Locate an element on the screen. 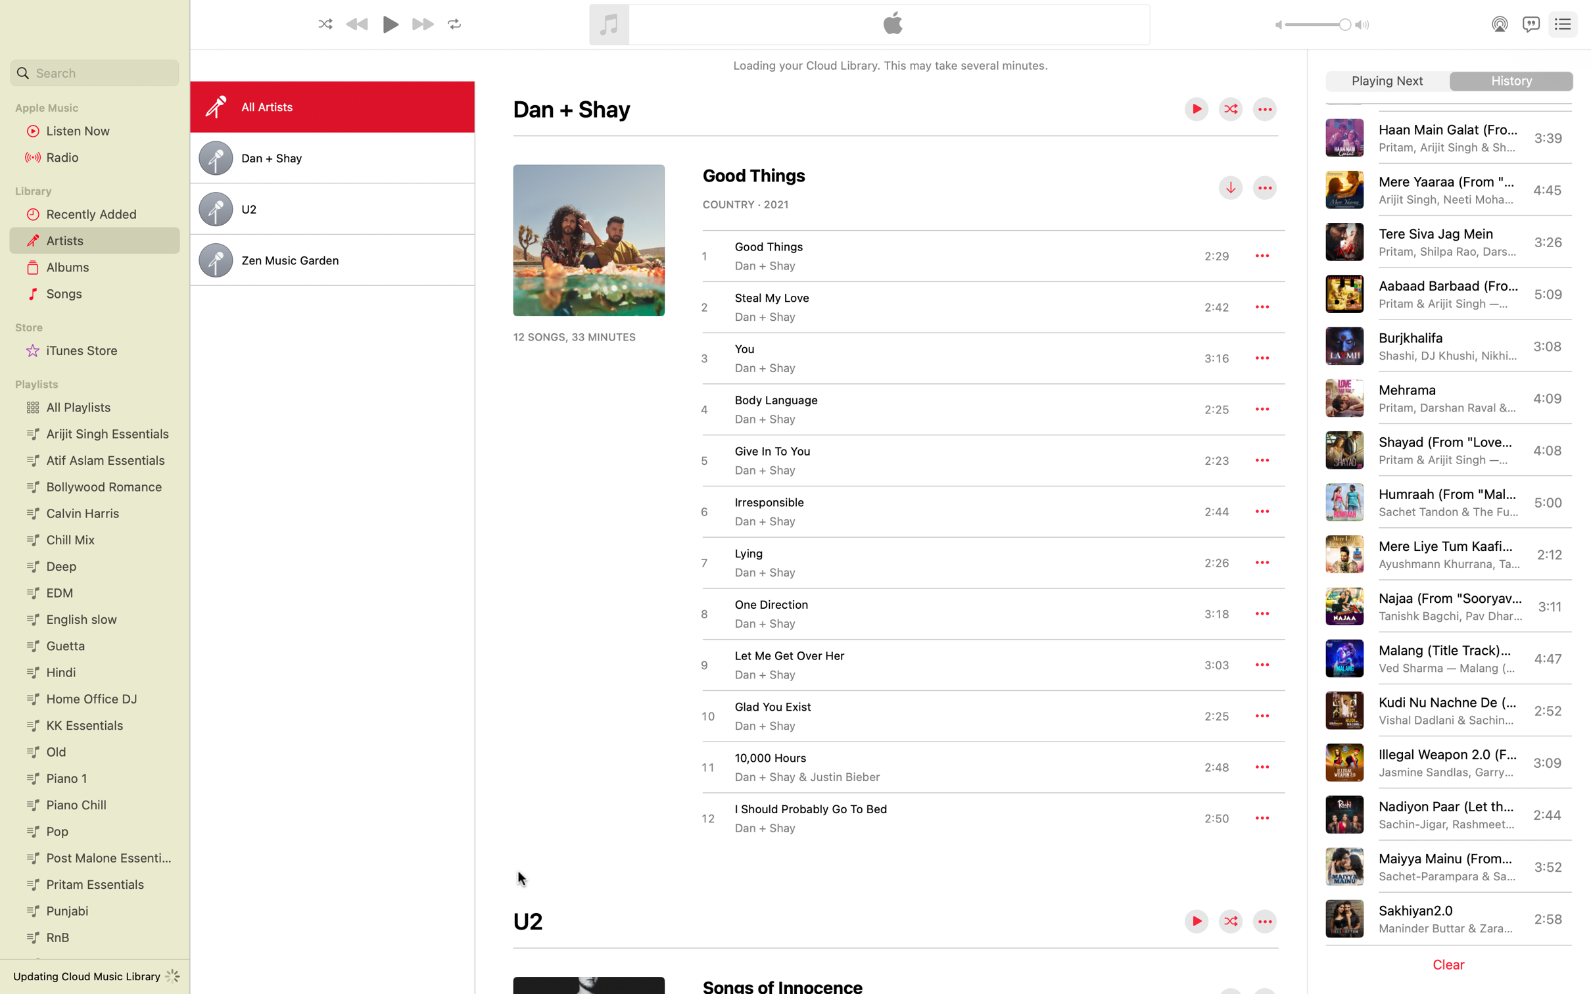 This screenshot has height=994, width=1591. the playback of song "Nadiyon Paar is located at coordinates (1445, 813).